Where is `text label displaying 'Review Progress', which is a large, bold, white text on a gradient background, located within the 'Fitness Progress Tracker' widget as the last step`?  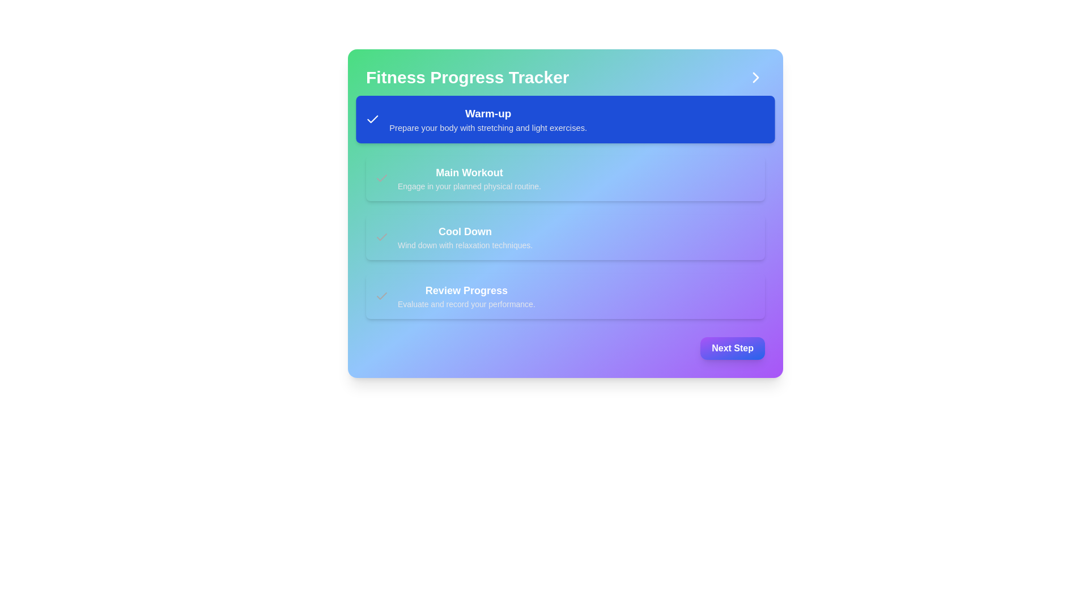
text label displaying 'Review Progress', which is a large, bold, white text on a gradient background, located within the 'Fitness Progress Tracker' widget as the last step is located at coordinates (466, 290).